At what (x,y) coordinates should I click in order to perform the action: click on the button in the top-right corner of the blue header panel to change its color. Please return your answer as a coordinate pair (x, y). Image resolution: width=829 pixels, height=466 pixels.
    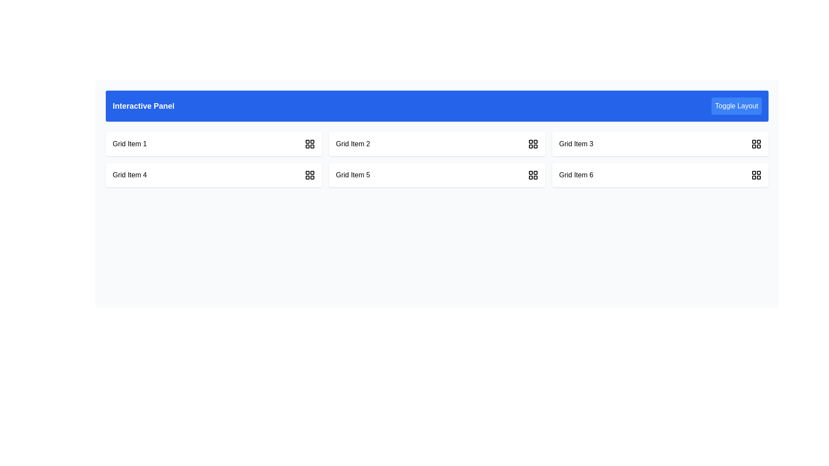
    Looking at the image, I should click on (736, 106).